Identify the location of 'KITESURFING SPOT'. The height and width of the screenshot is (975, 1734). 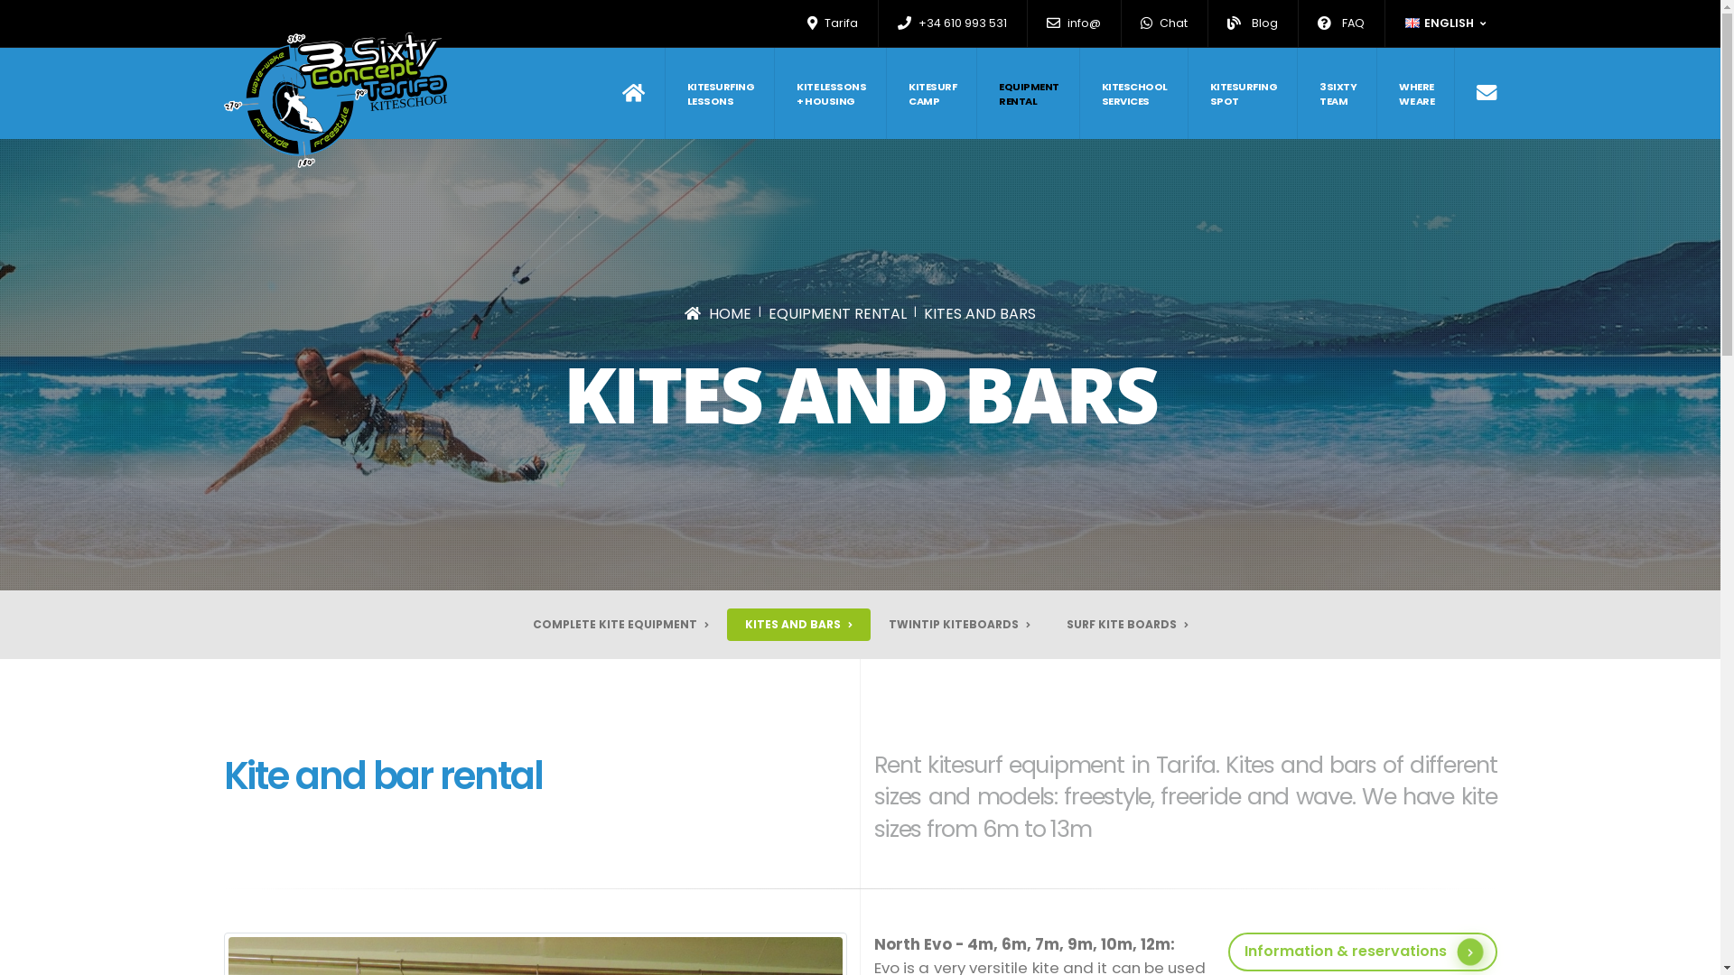
(1190, 93).